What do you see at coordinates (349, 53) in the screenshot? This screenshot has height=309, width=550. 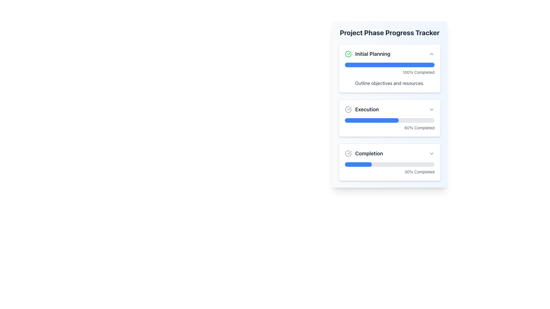 I see `properties of the Icon that signifies the successful state of the 'Initial Planning' task, located within the 'Project Phase Progress Tracker' panel` at bounding box center [349, 53].